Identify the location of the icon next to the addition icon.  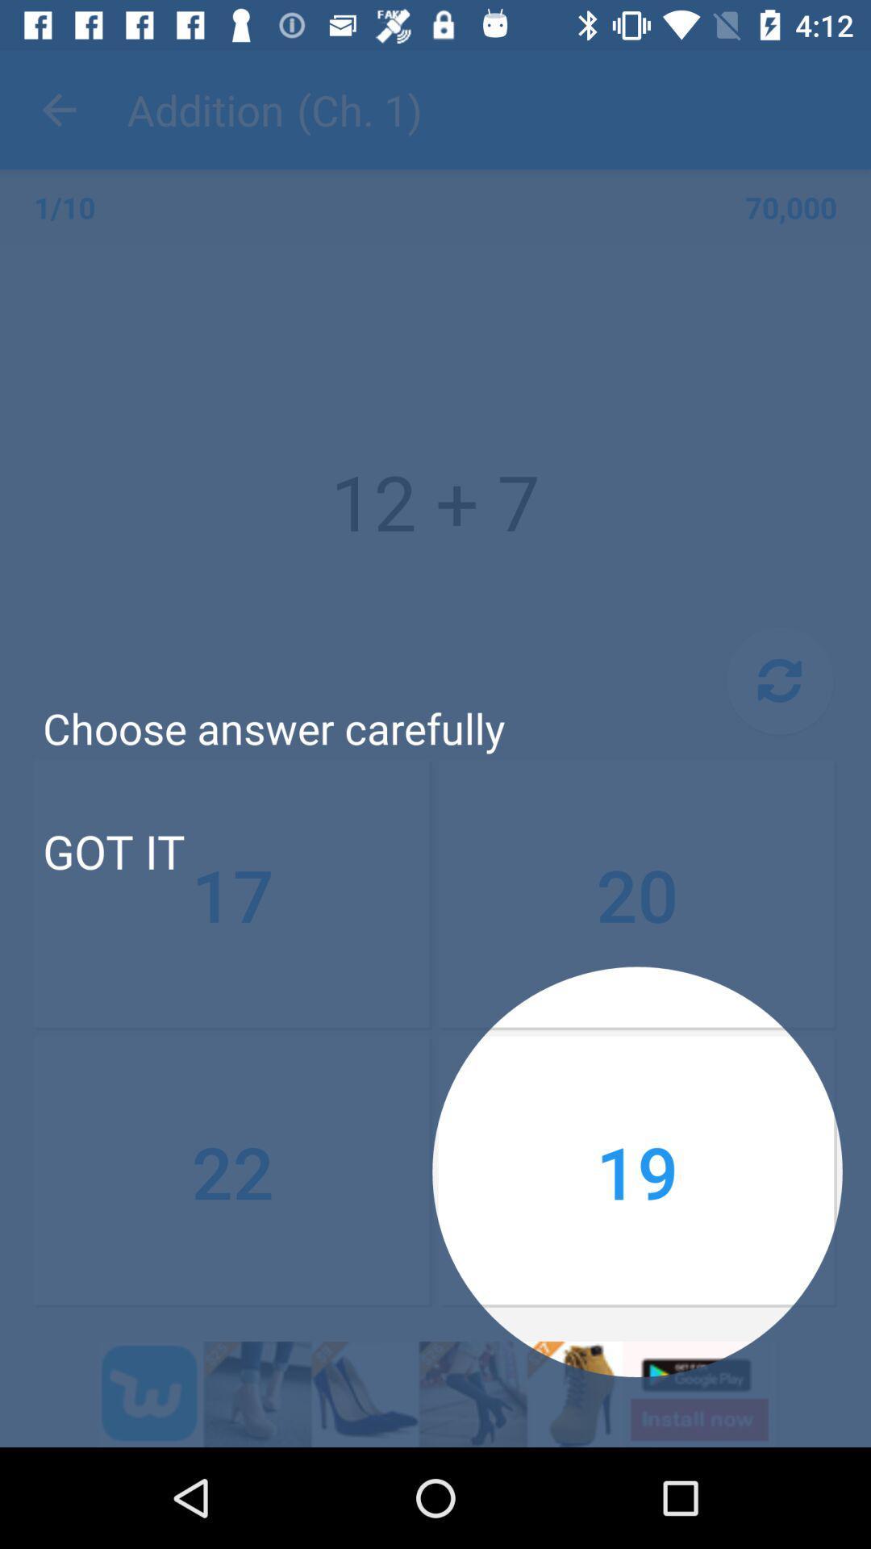
(58, 109).